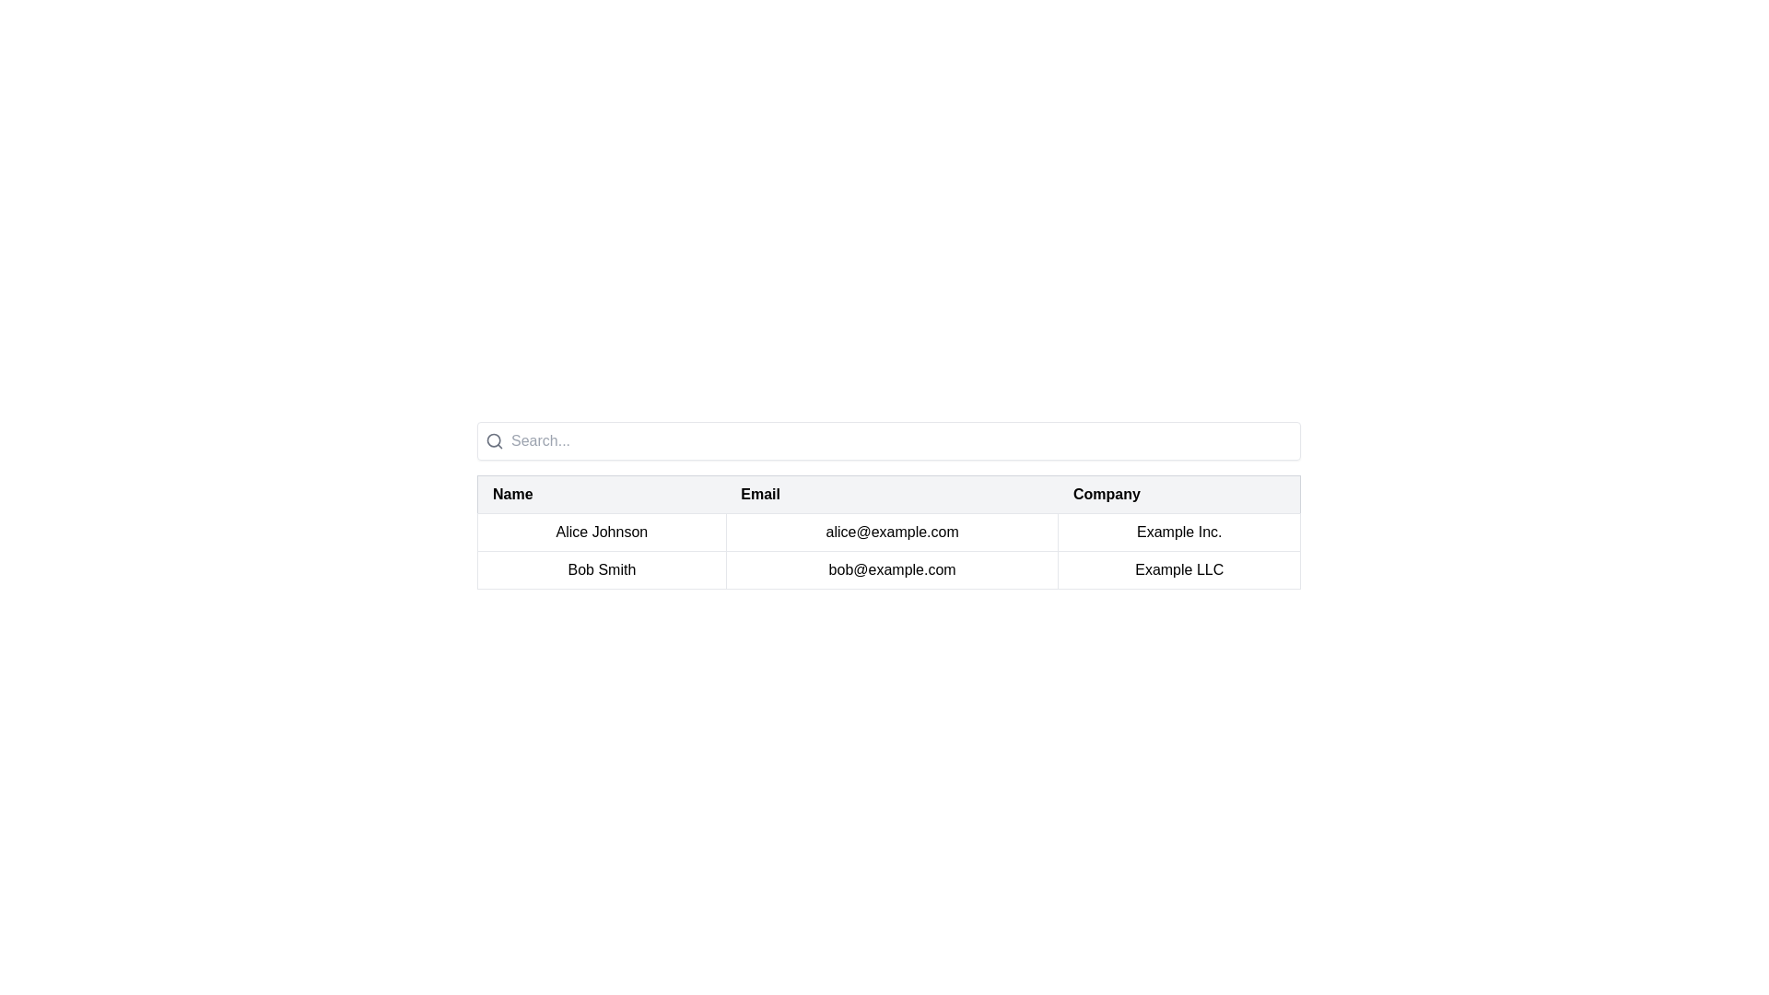 The height and width of the screenshot is (995, 1769). What do you see at coordinates (1106, 493) in the screenshot?
I see `the 'Company' text label, which is the header of the last column in the data table, styled in bold and capitalized letters` at bounding box center [1106, 493].